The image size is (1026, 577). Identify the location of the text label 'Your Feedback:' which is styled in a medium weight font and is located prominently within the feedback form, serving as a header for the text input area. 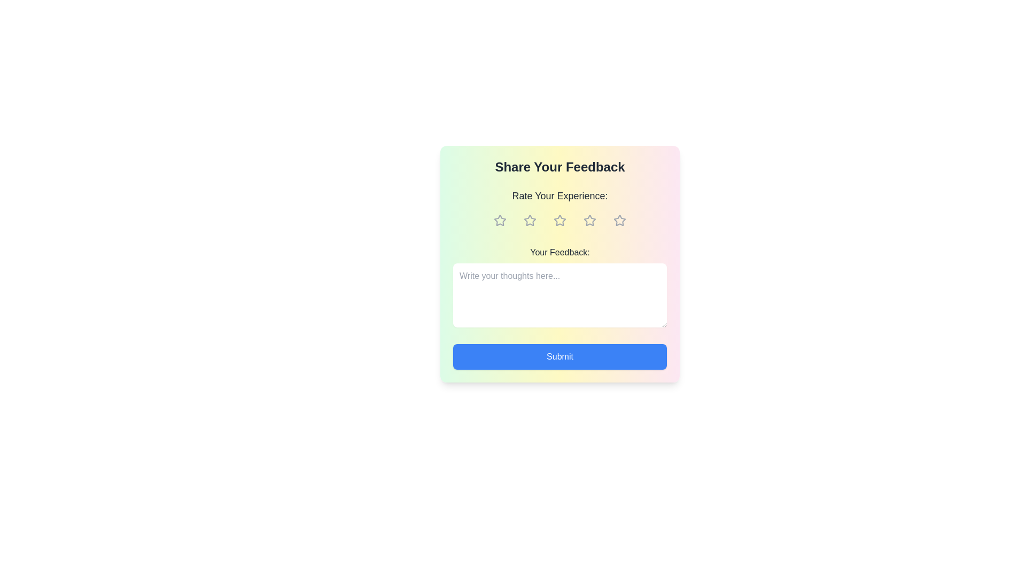
(559, 253).